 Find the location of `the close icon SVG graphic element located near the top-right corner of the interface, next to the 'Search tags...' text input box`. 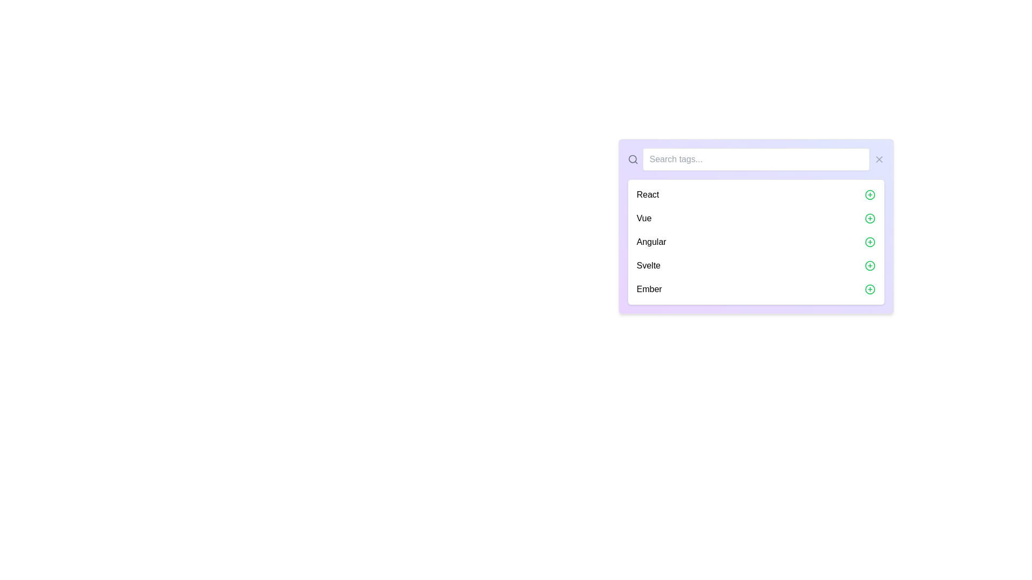

the close icon SVG graphic element located near the top-right corner of the interface, next to the 'Search tags...' text input box is located at coordinates (879, 160).